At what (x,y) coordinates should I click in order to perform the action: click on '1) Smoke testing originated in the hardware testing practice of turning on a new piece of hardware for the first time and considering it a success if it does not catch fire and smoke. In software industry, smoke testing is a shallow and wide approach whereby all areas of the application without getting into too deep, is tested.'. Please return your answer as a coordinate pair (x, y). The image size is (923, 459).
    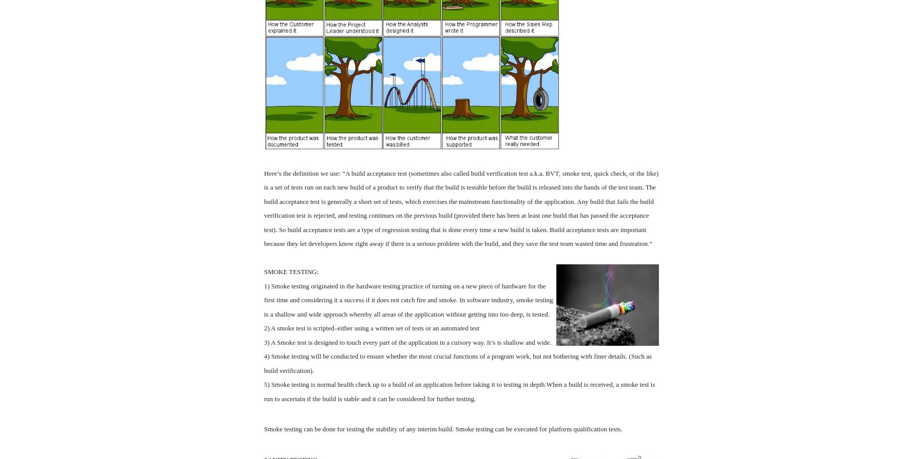
    Looking at the image, I should click on (408, 299).